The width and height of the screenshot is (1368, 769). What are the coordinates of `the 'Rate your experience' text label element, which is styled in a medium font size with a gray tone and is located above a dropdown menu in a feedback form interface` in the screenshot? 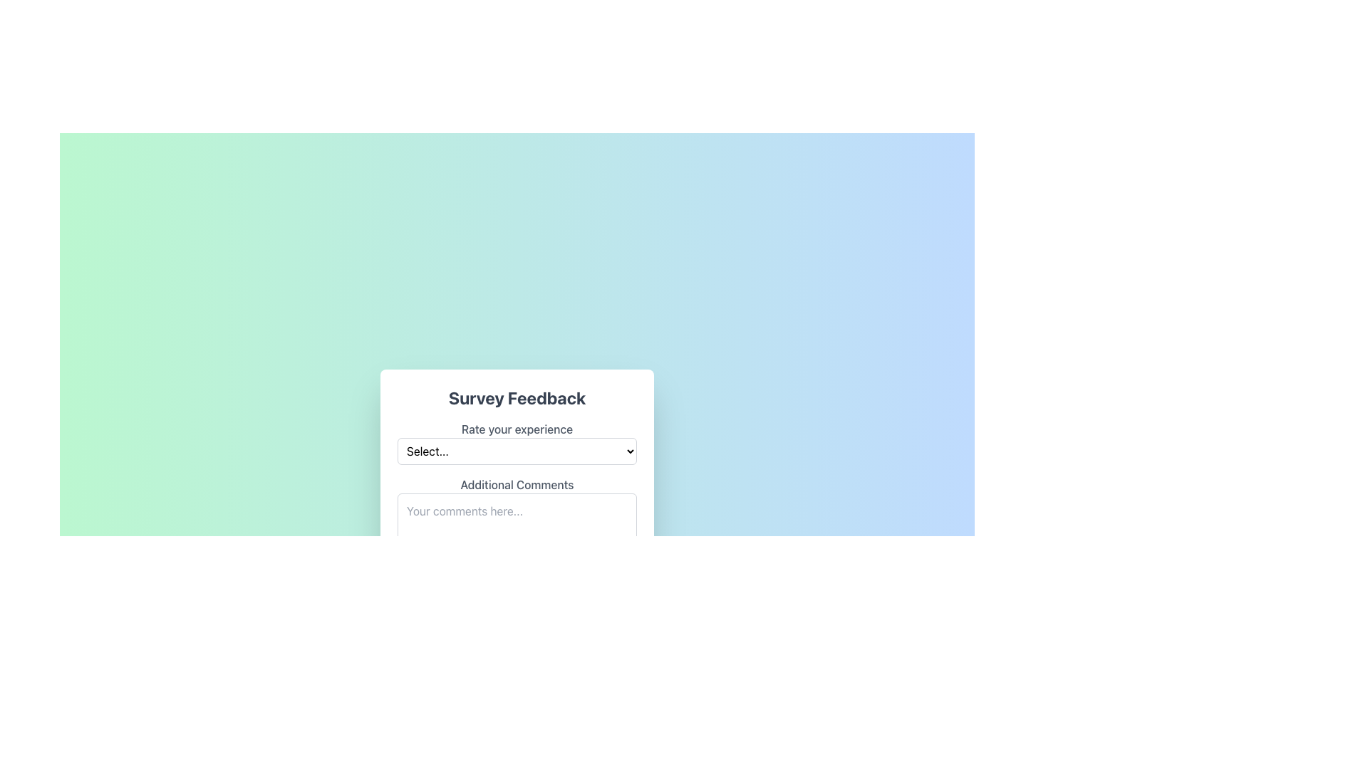 It's located at (516, 428).